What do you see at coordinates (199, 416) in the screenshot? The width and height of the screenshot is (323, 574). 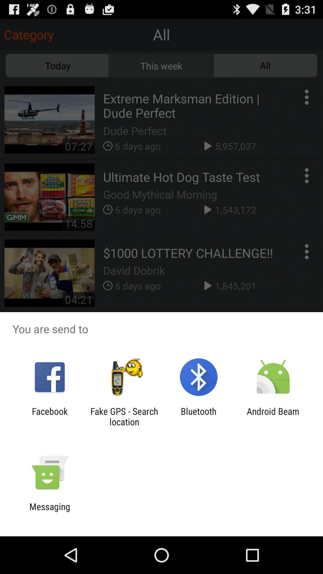 I see `item to the right of the fake gps search icon` at bounding box center [199, 416].